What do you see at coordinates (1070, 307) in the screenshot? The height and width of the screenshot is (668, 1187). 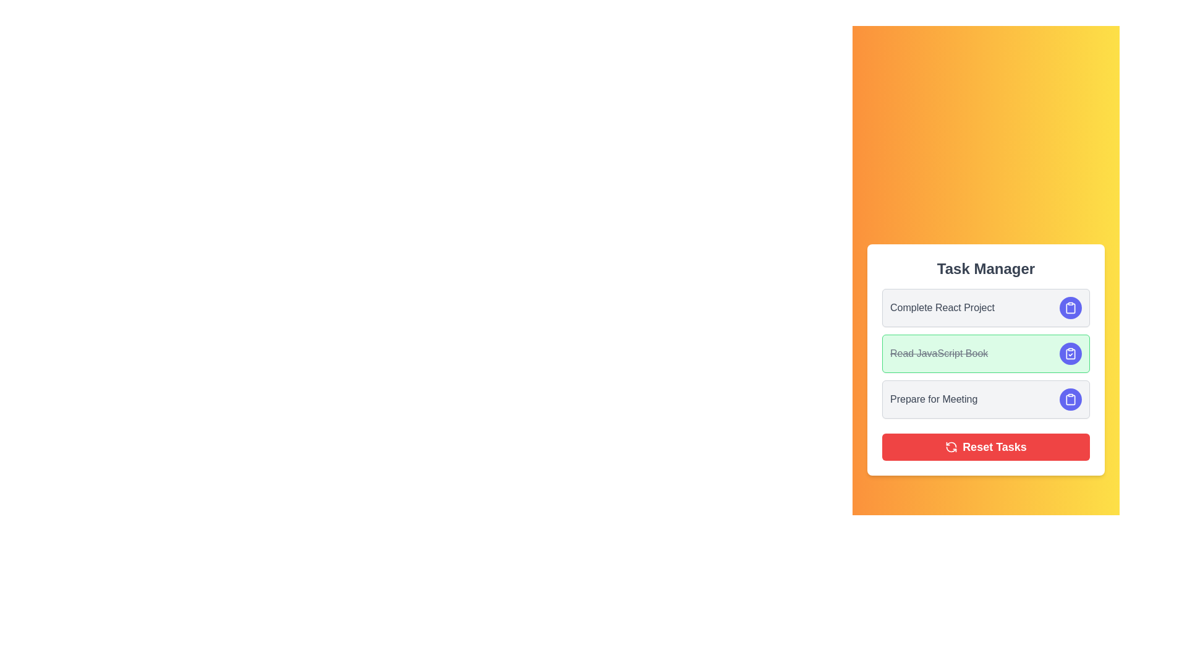 I see `the rounded-edge rectangular clipboard icon with a purple fill, located to the right of the 'Read JavaScript Book' task item` at bounding box center [1070, 307].